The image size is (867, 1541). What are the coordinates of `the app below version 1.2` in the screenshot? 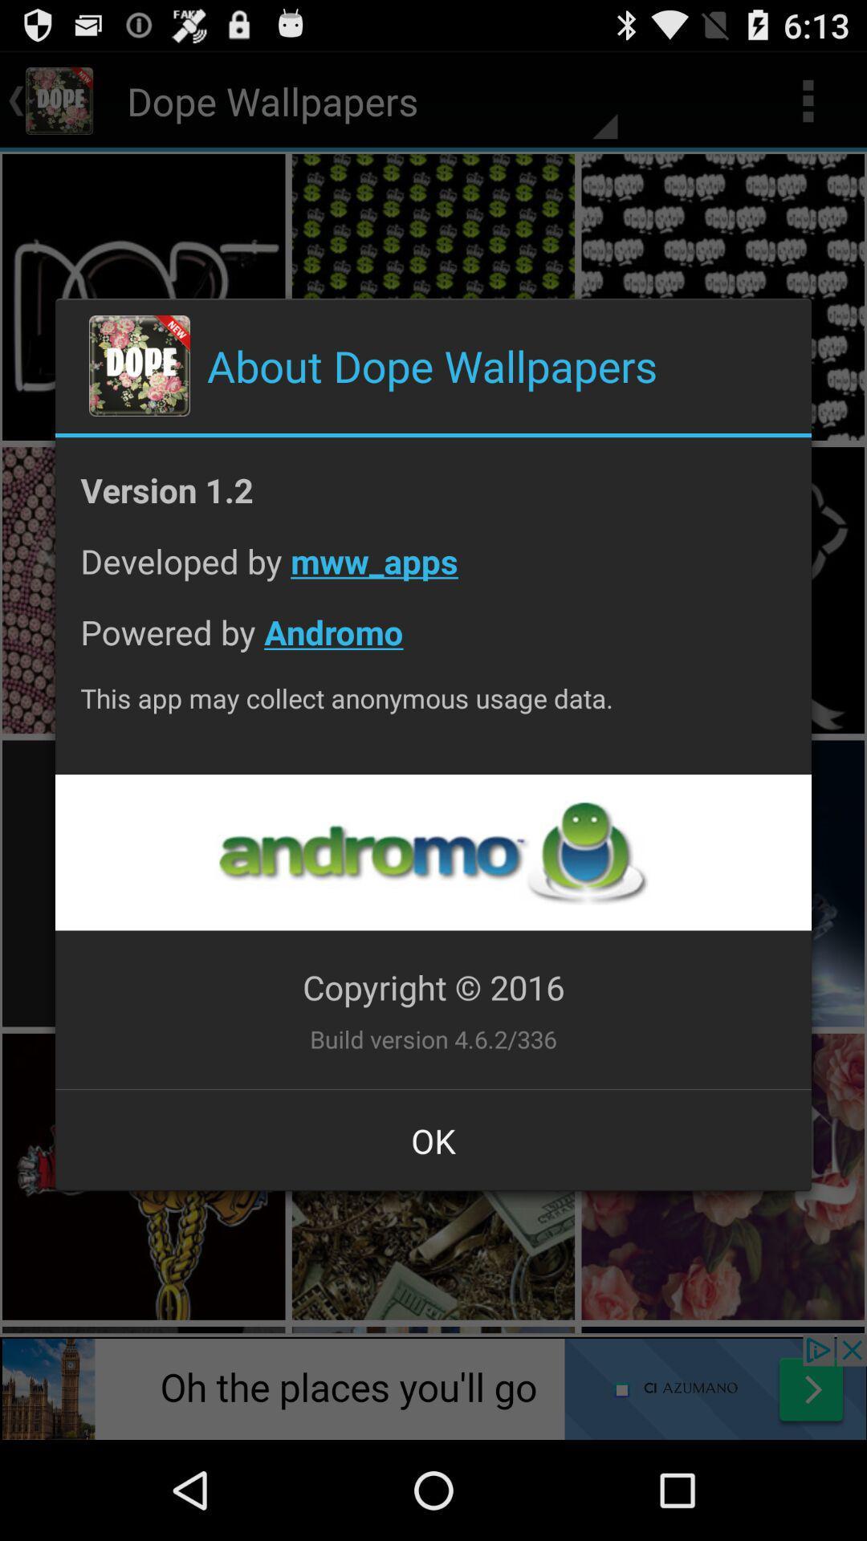 It's located at (433, 573).